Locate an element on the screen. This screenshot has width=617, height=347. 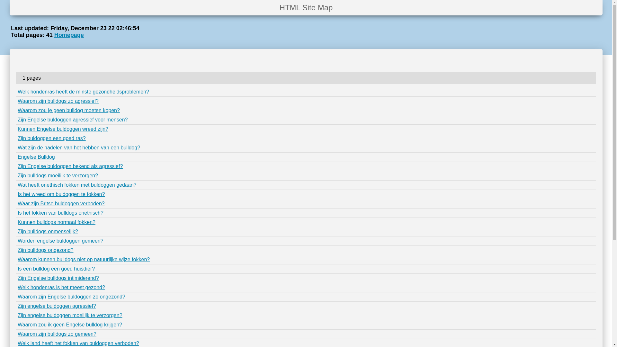
'Zijn Engelse buldoggen bekend als agressief?' is located at coordinates (70, 166).